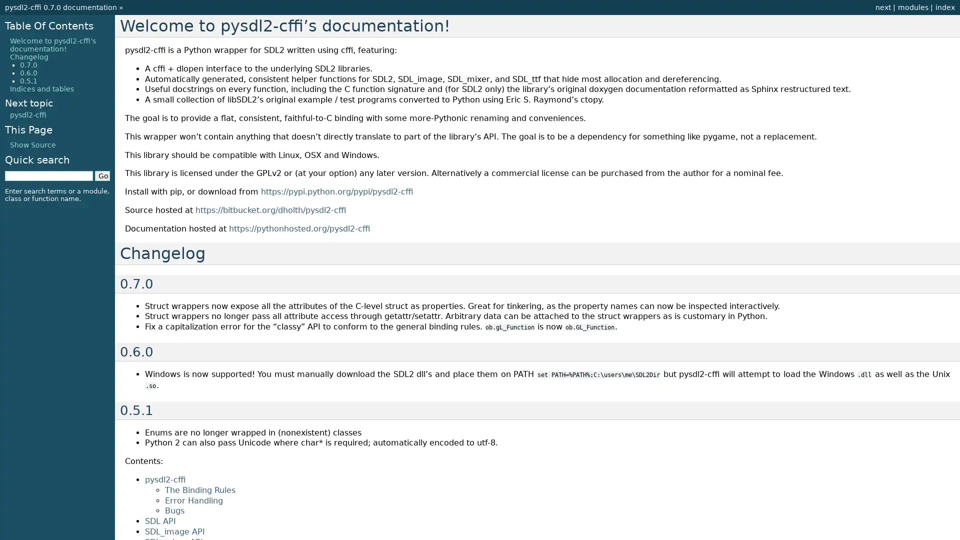 This screenshot has height=540, width=960. I want to click on Go, so click(102, 175).